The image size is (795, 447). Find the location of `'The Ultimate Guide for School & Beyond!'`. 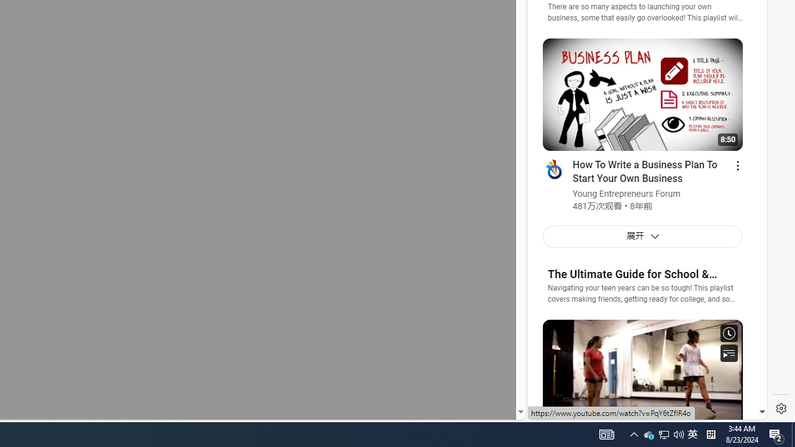

'The Ultimate Guide for School & Beyond!' is located at coordinates (645, 274).